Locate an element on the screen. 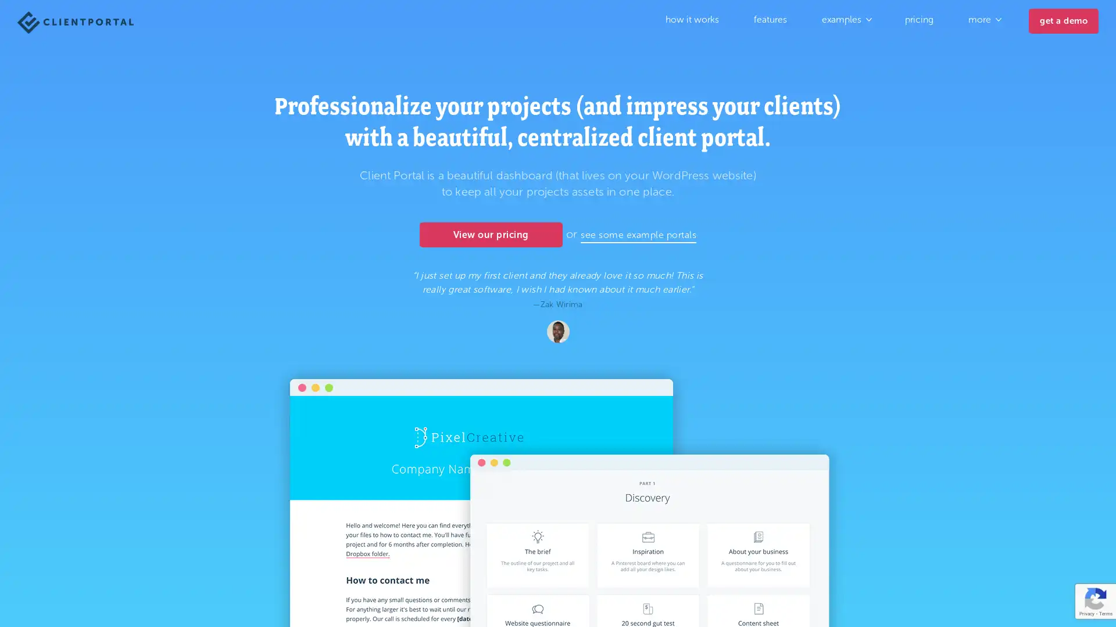 The image size is (1116, 627). Get the video demo is located at coordinates (978, 573).